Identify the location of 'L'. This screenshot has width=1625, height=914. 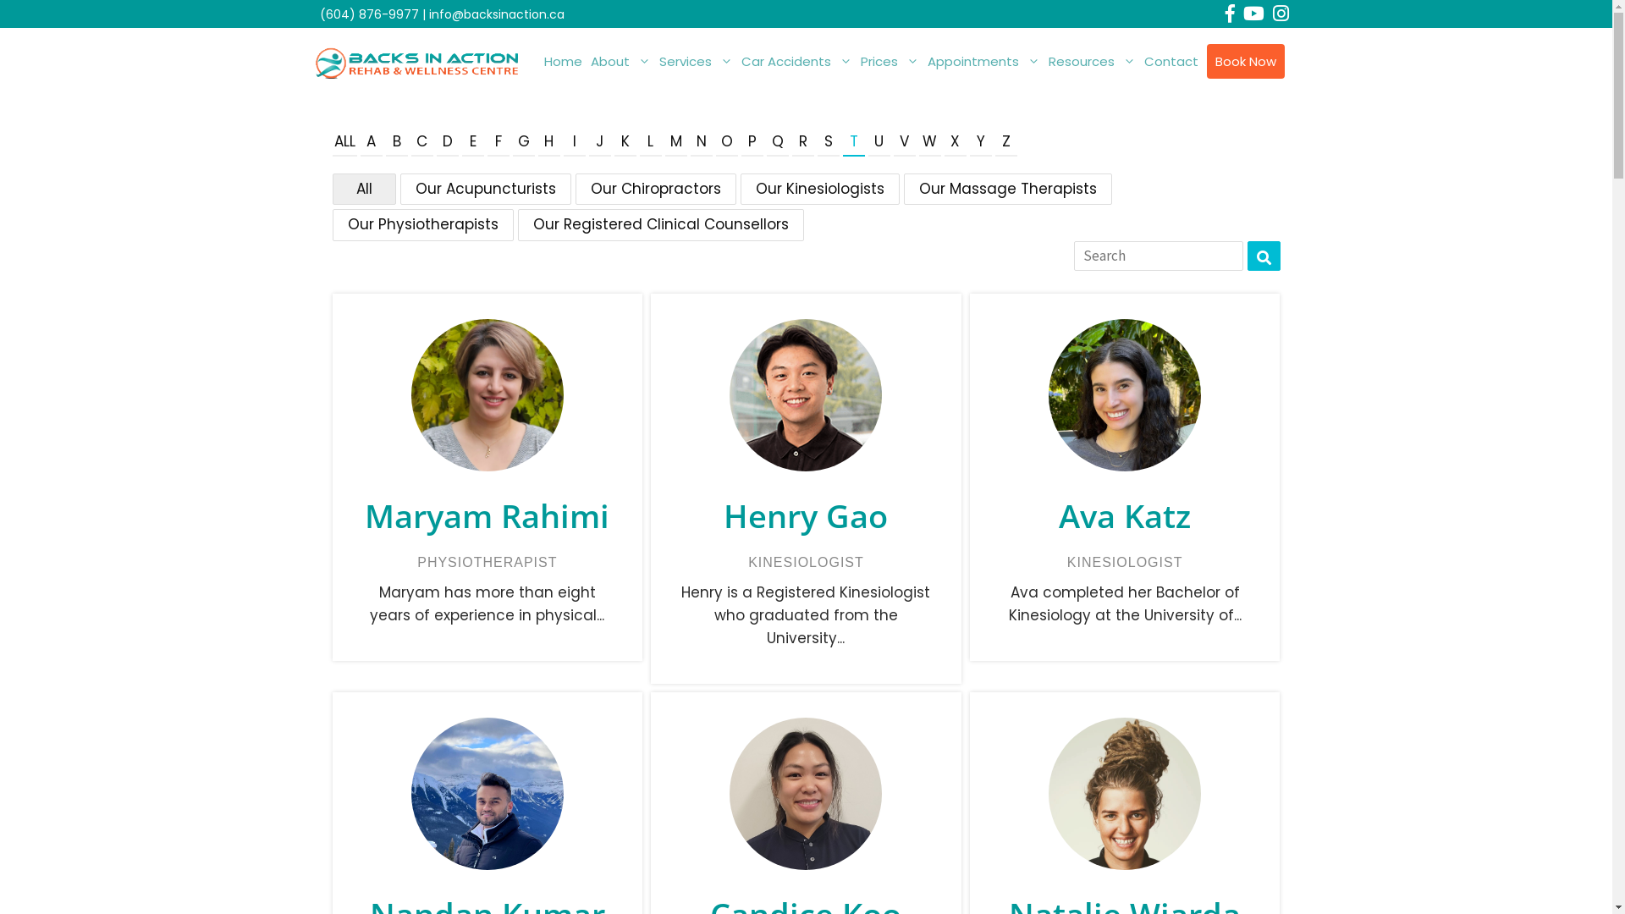
(649, 142).